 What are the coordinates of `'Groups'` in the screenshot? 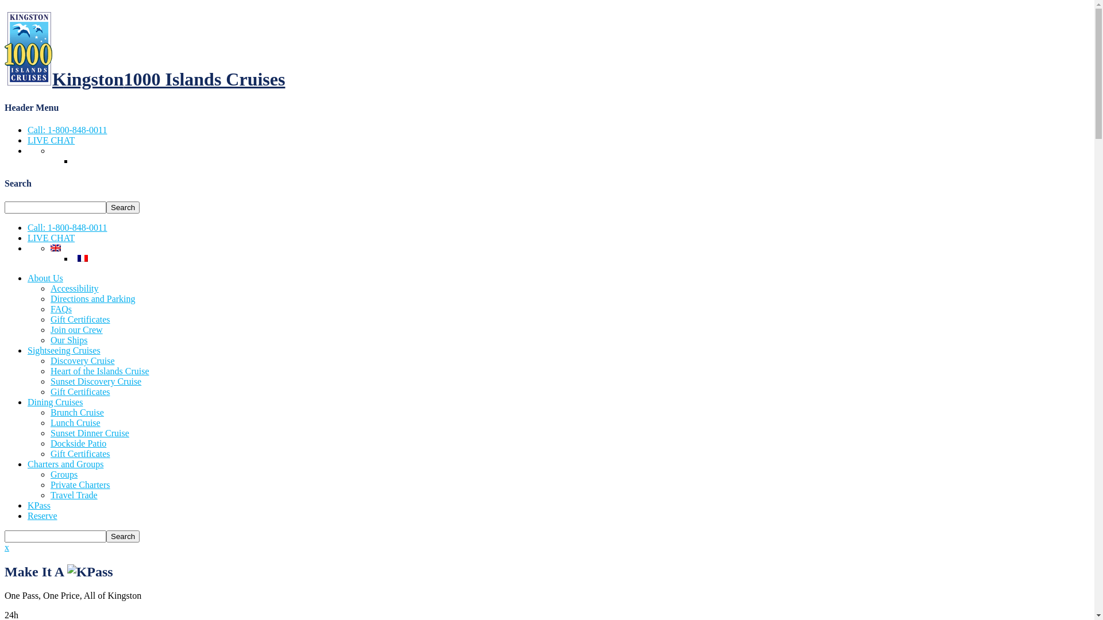 It's located at (63, 474).